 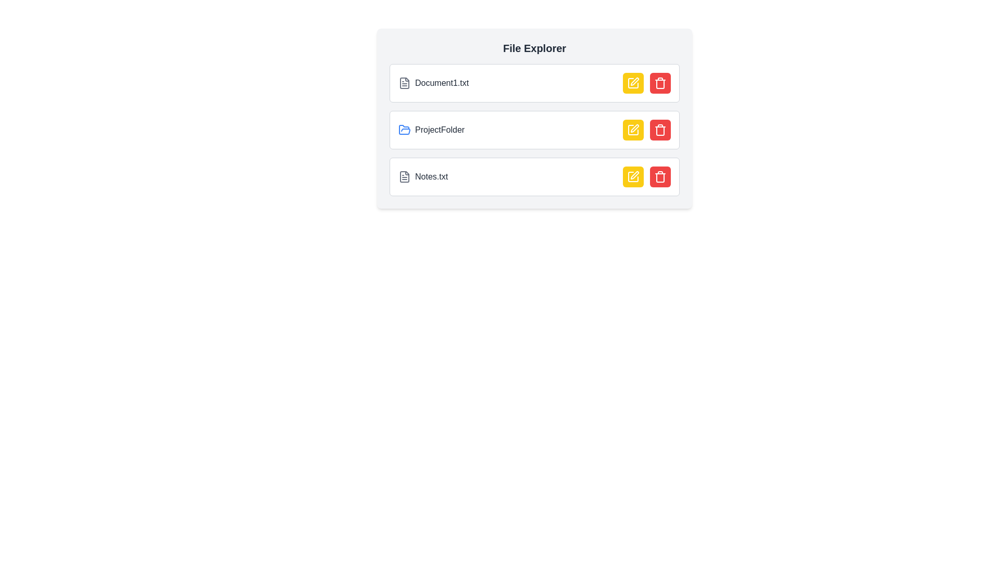 I want to click on the yellow button with a pen icon, so click(x=646, y=82).